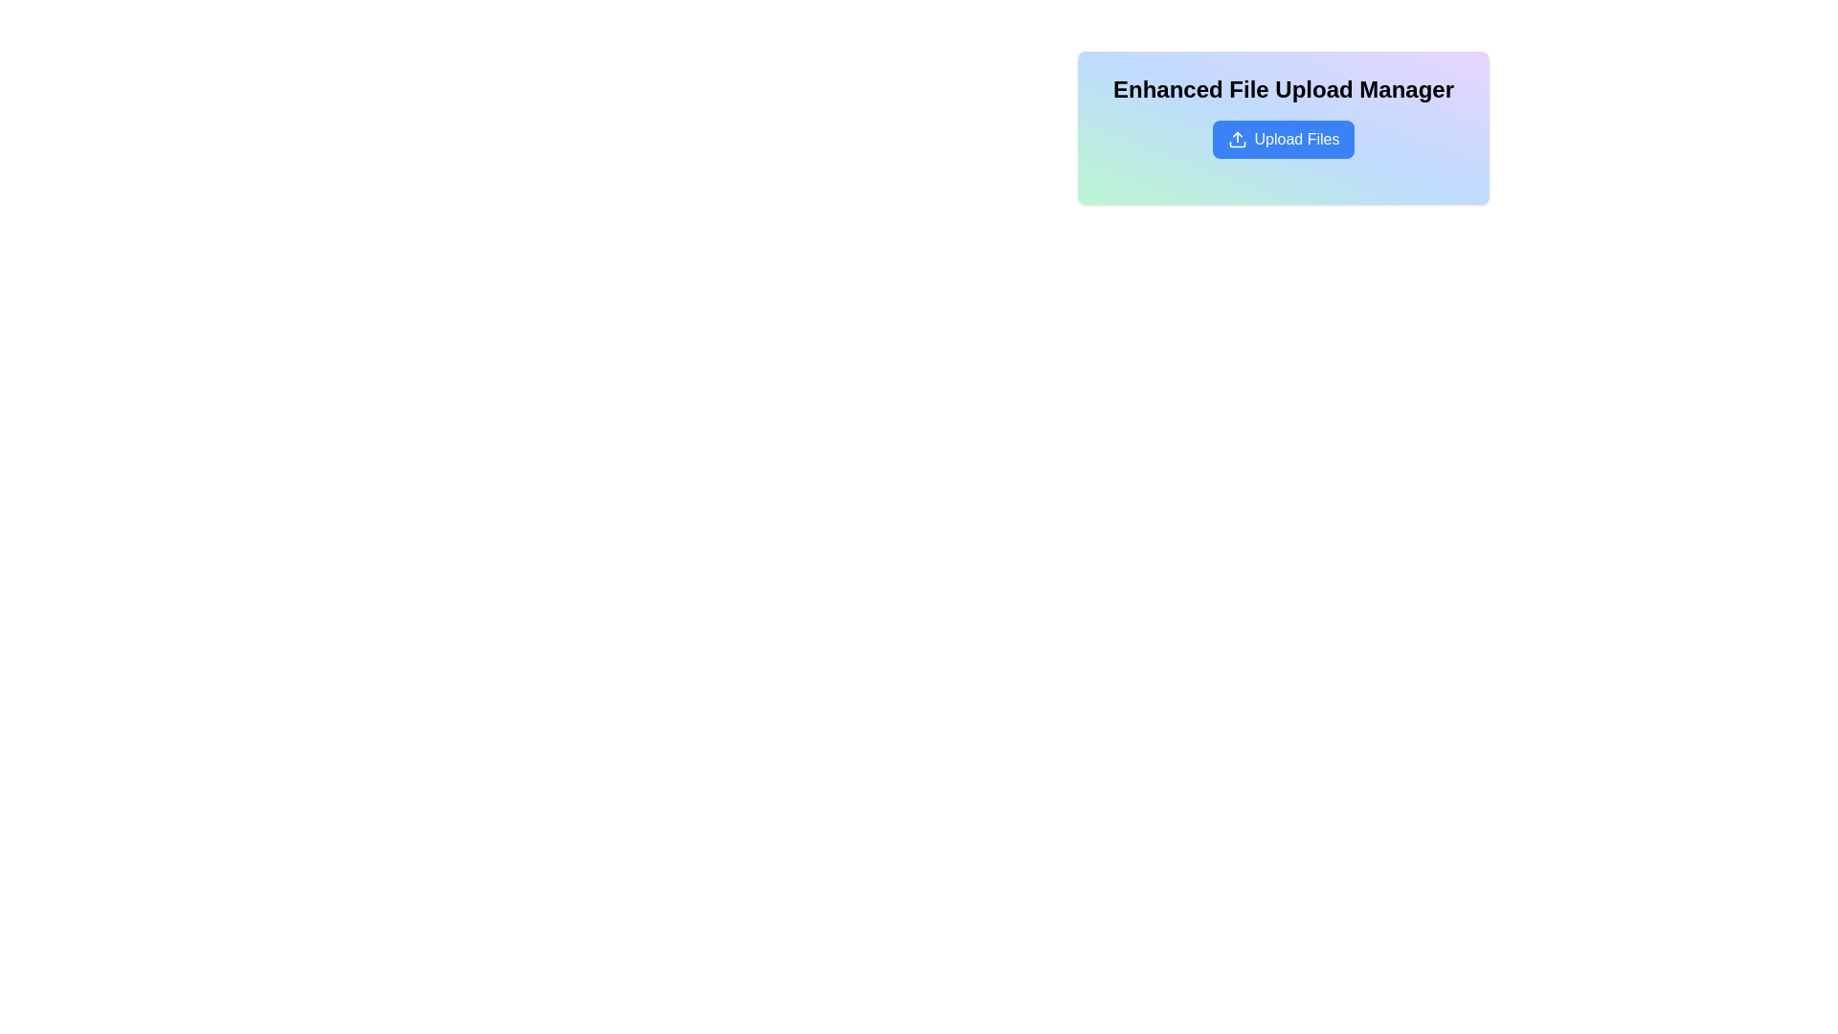 The height and width of the screenshot is (1034, 1838). Describe the element at coordinates (1283, 139) in the screenshot. I see `the button that prompts the user to initiate a file upload action, located in the center of the 'Enhanced File Upload Manager' card` at that location.